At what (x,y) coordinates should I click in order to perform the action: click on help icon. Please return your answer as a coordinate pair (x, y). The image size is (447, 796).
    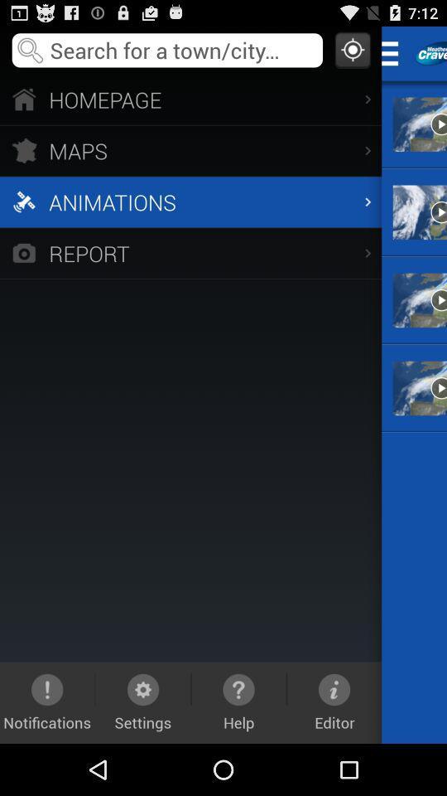
    Looking at the image, I should click on (238, 701).